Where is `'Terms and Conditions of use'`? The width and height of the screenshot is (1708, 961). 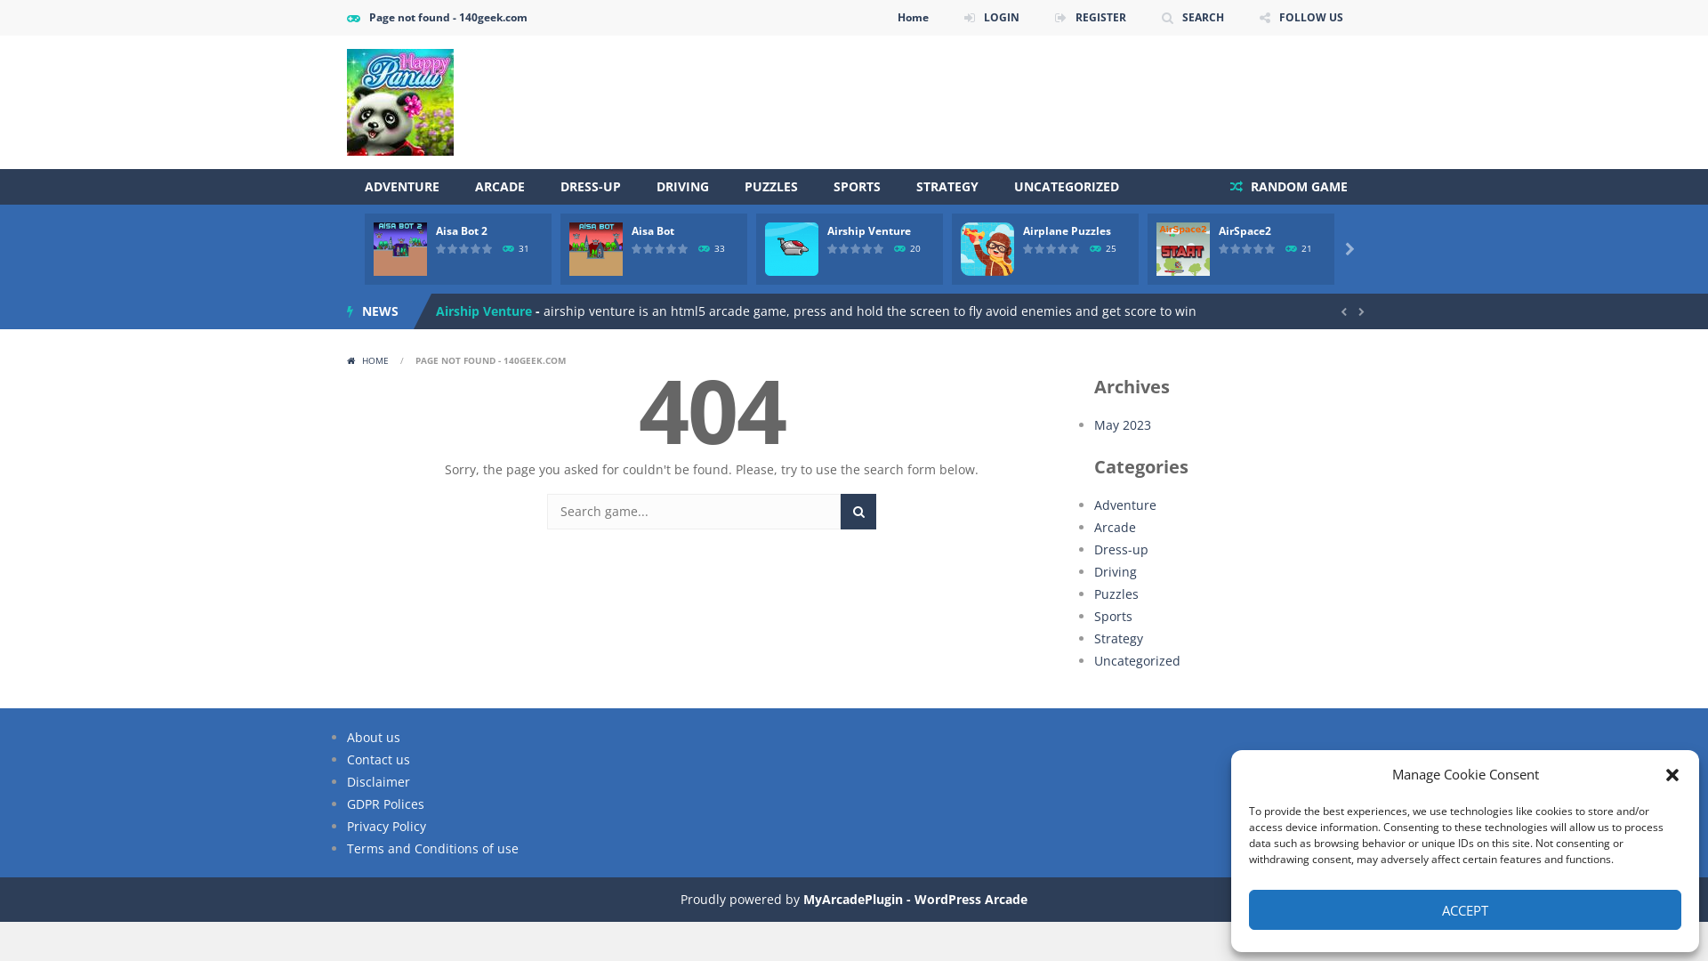
'Terms and Conditions of use' is located at coordinates (432, 847).